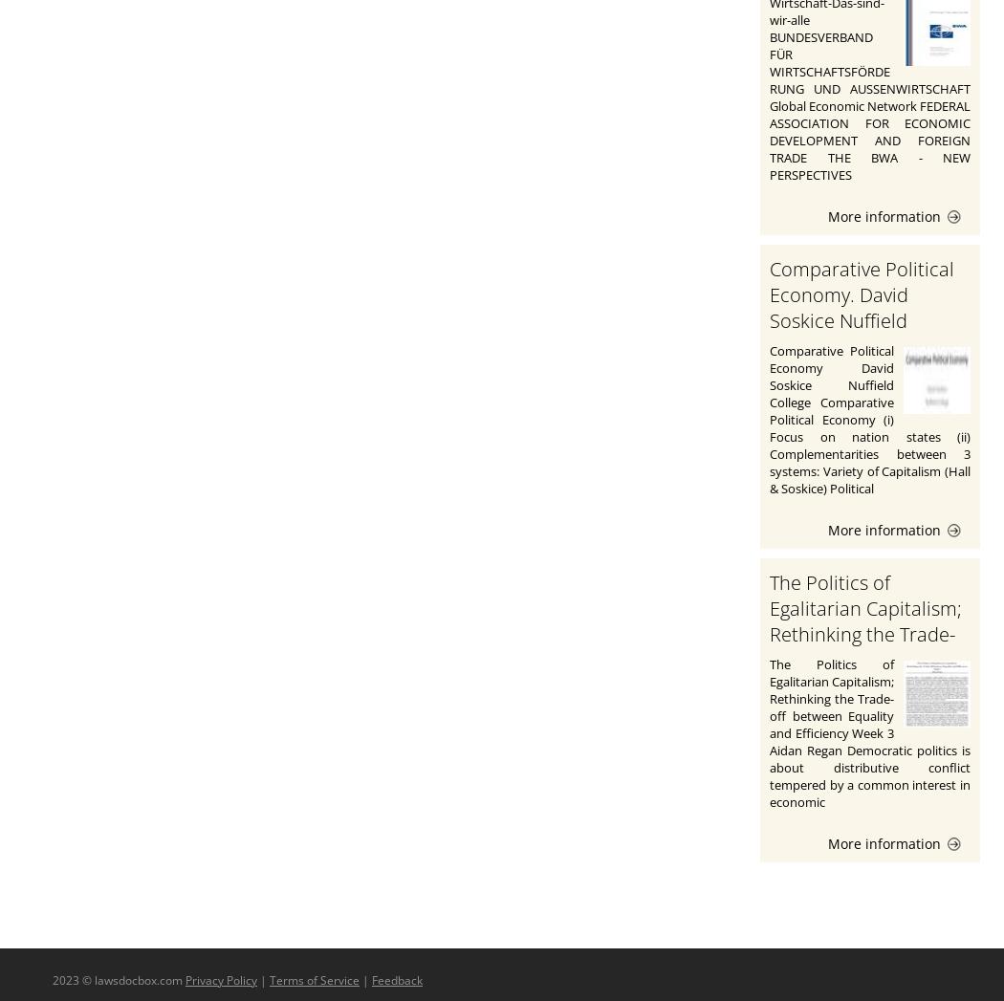 Image resolution: width=1004 pixels, height=1001 pixels. I want to click on 'The Politics of Egalitarian Capitalism; Rethinking the Trade-off between Equality and Efficiency', so click(865, 633).